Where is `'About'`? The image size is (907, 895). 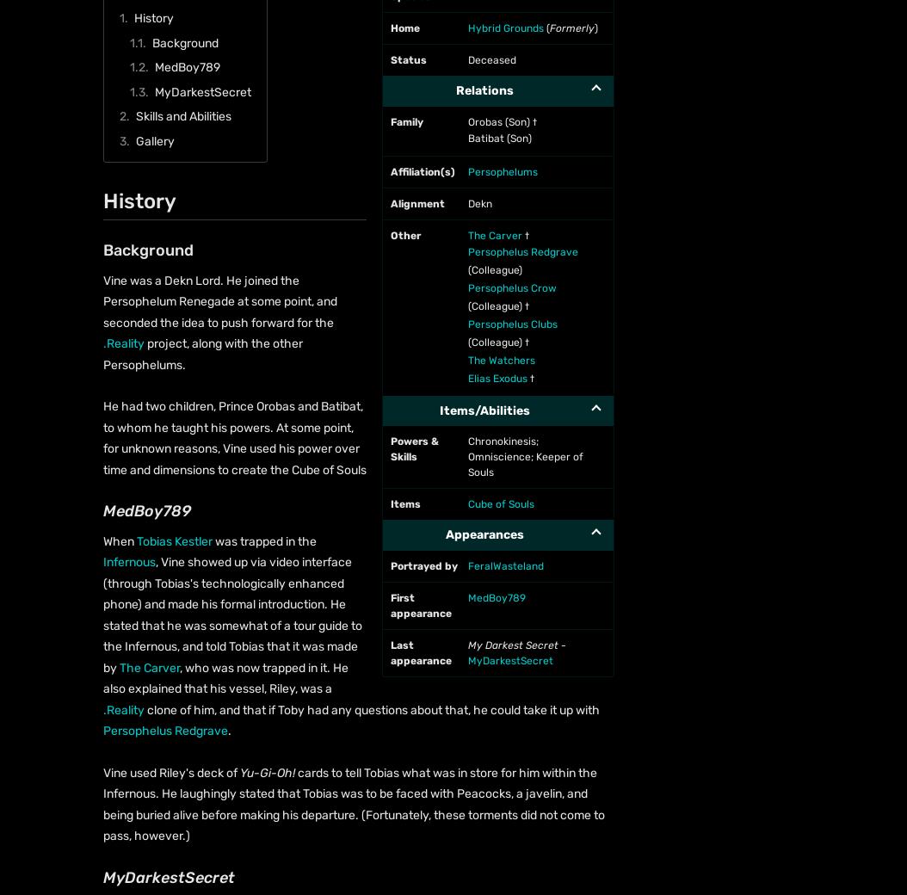 'About' is located at coordinates (87, 250).